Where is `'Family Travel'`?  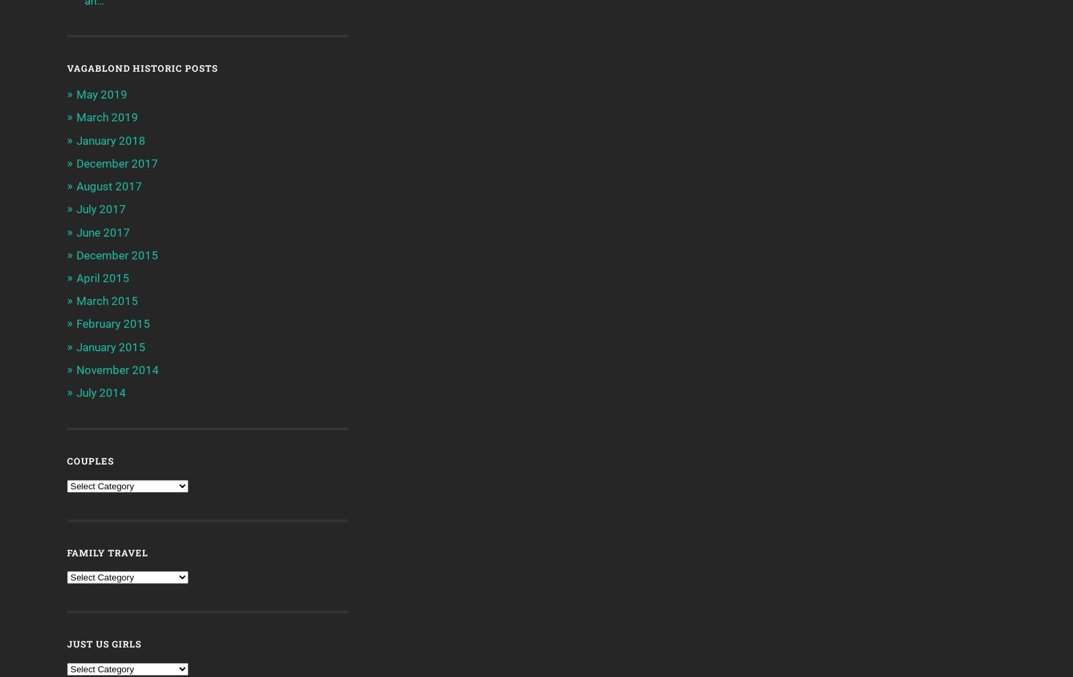 'Family Travel' is located at coordinates (107, 552).